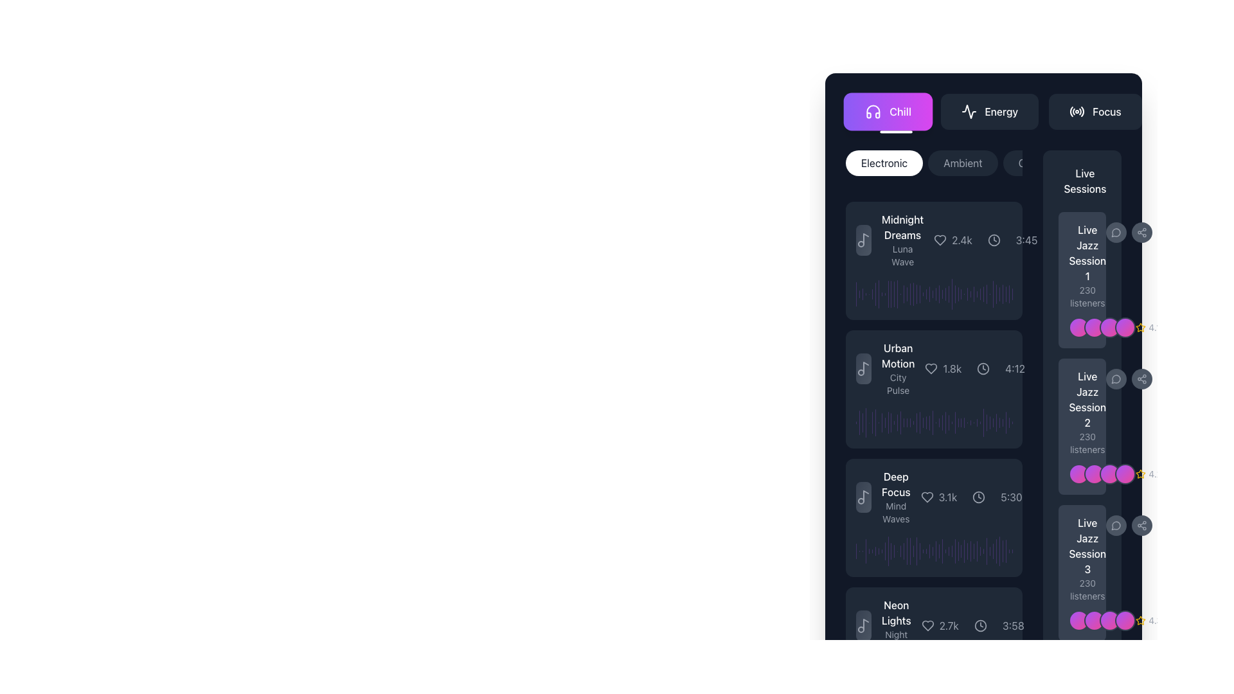 The width and height of the screenshot is (1234, 694). What do you see at coordinates (1094, 619) in the screenshot?
I see `the second avatar icon in the group of circular icons near the right side of the interface, representing a participant in the 'Live Jazz Session'` at bounding box center [1094, 619].